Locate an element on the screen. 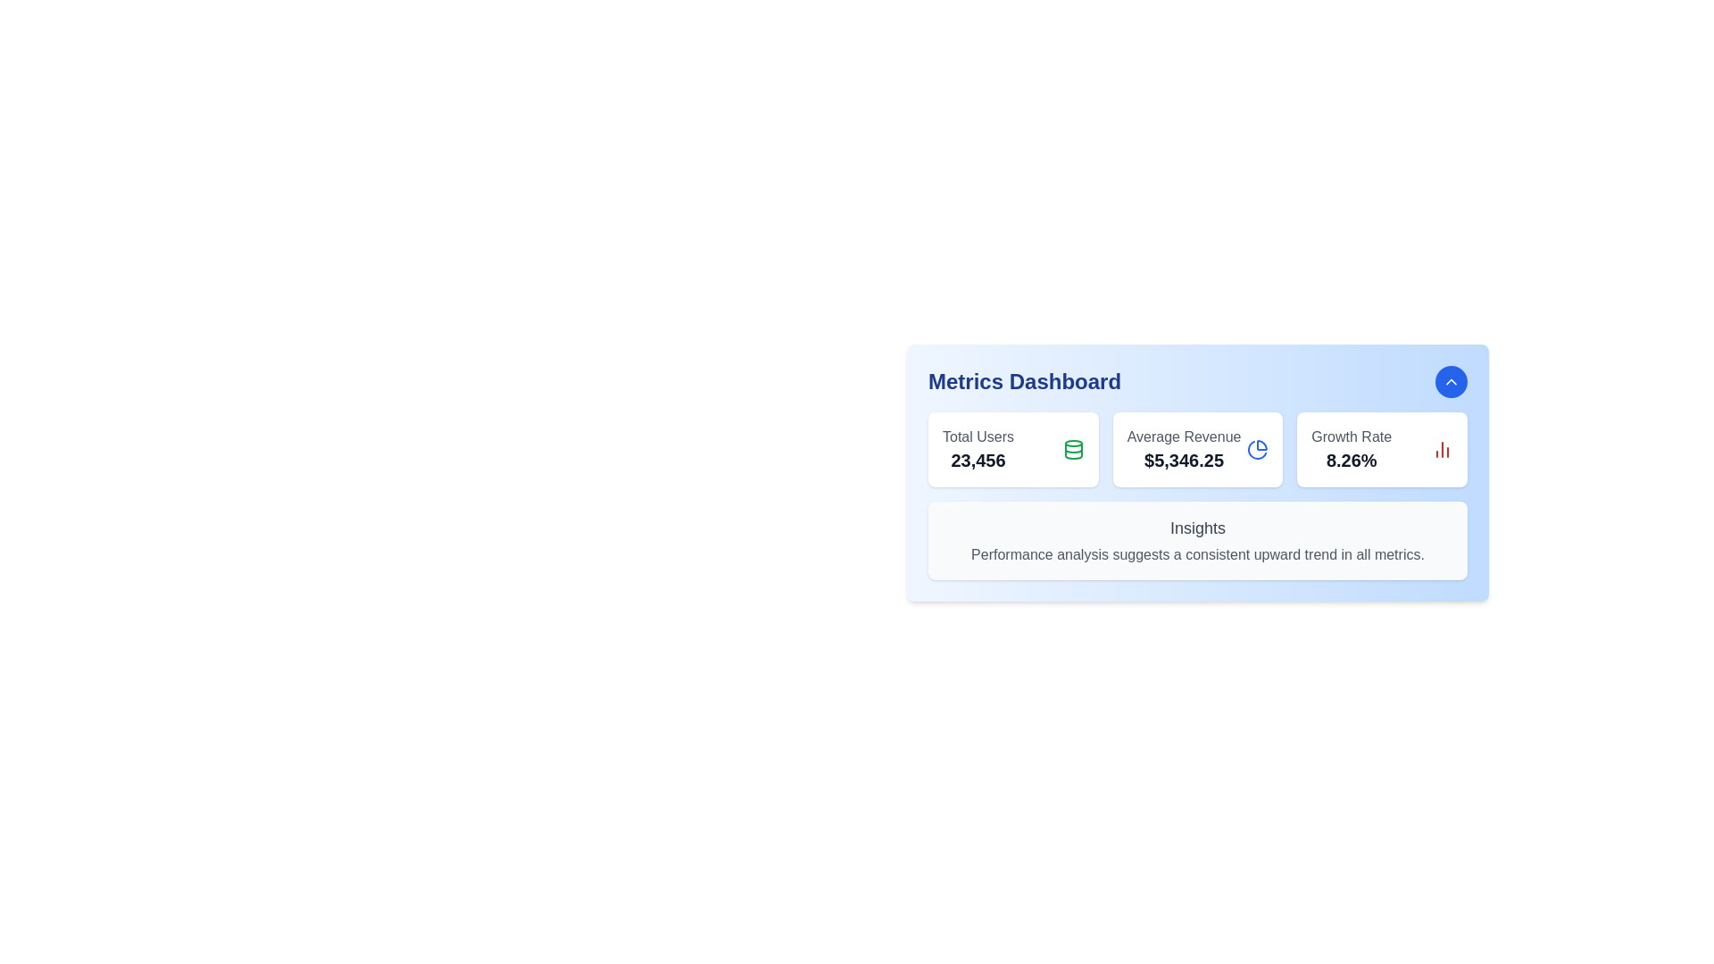 This screenshot has height=964, width=1714. the text label presenting the total number of users, which is located in the top-left corner of a white card in the 'Metrics Dashboard' section is located at coordinates (977, 449).